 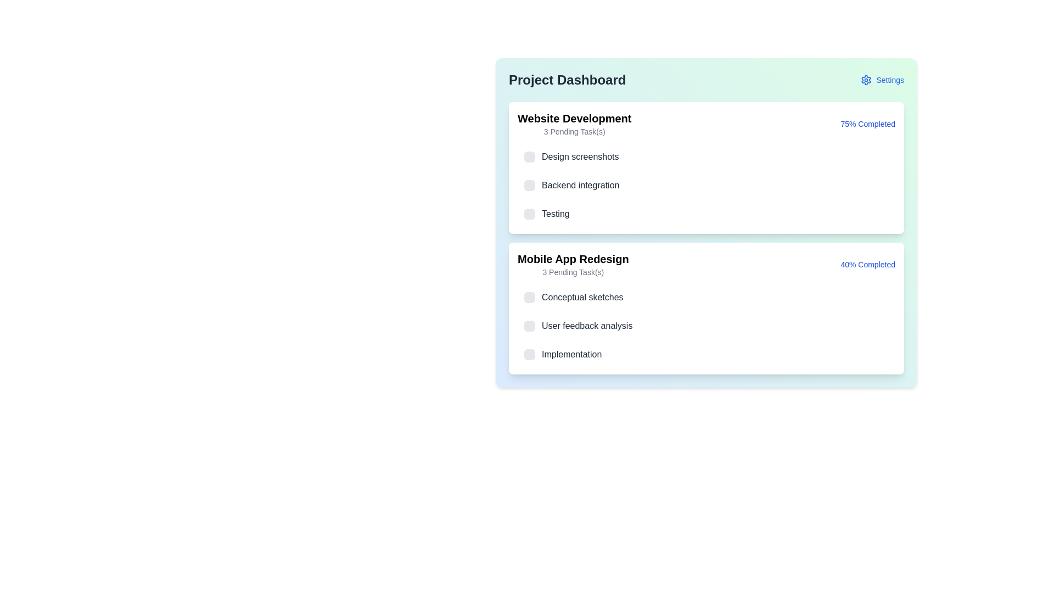 I want to click on the gear-shaped SVG icon located on the top-right corner of the interface, so click(x=866, y=80).